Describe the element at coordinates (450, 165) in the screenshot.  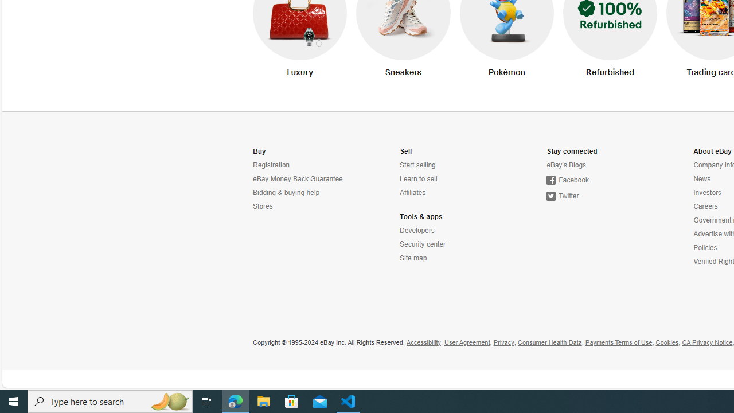
I see `'Start selling'` at that location.